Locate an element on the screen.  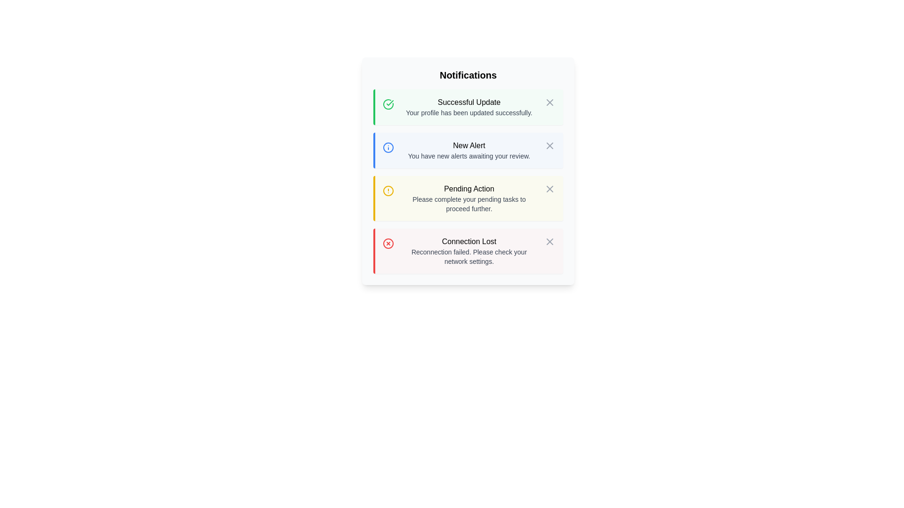
the 'Pending Action' text label in the third notification card from the top in the Notifications section is located at coordinates (469, 189).